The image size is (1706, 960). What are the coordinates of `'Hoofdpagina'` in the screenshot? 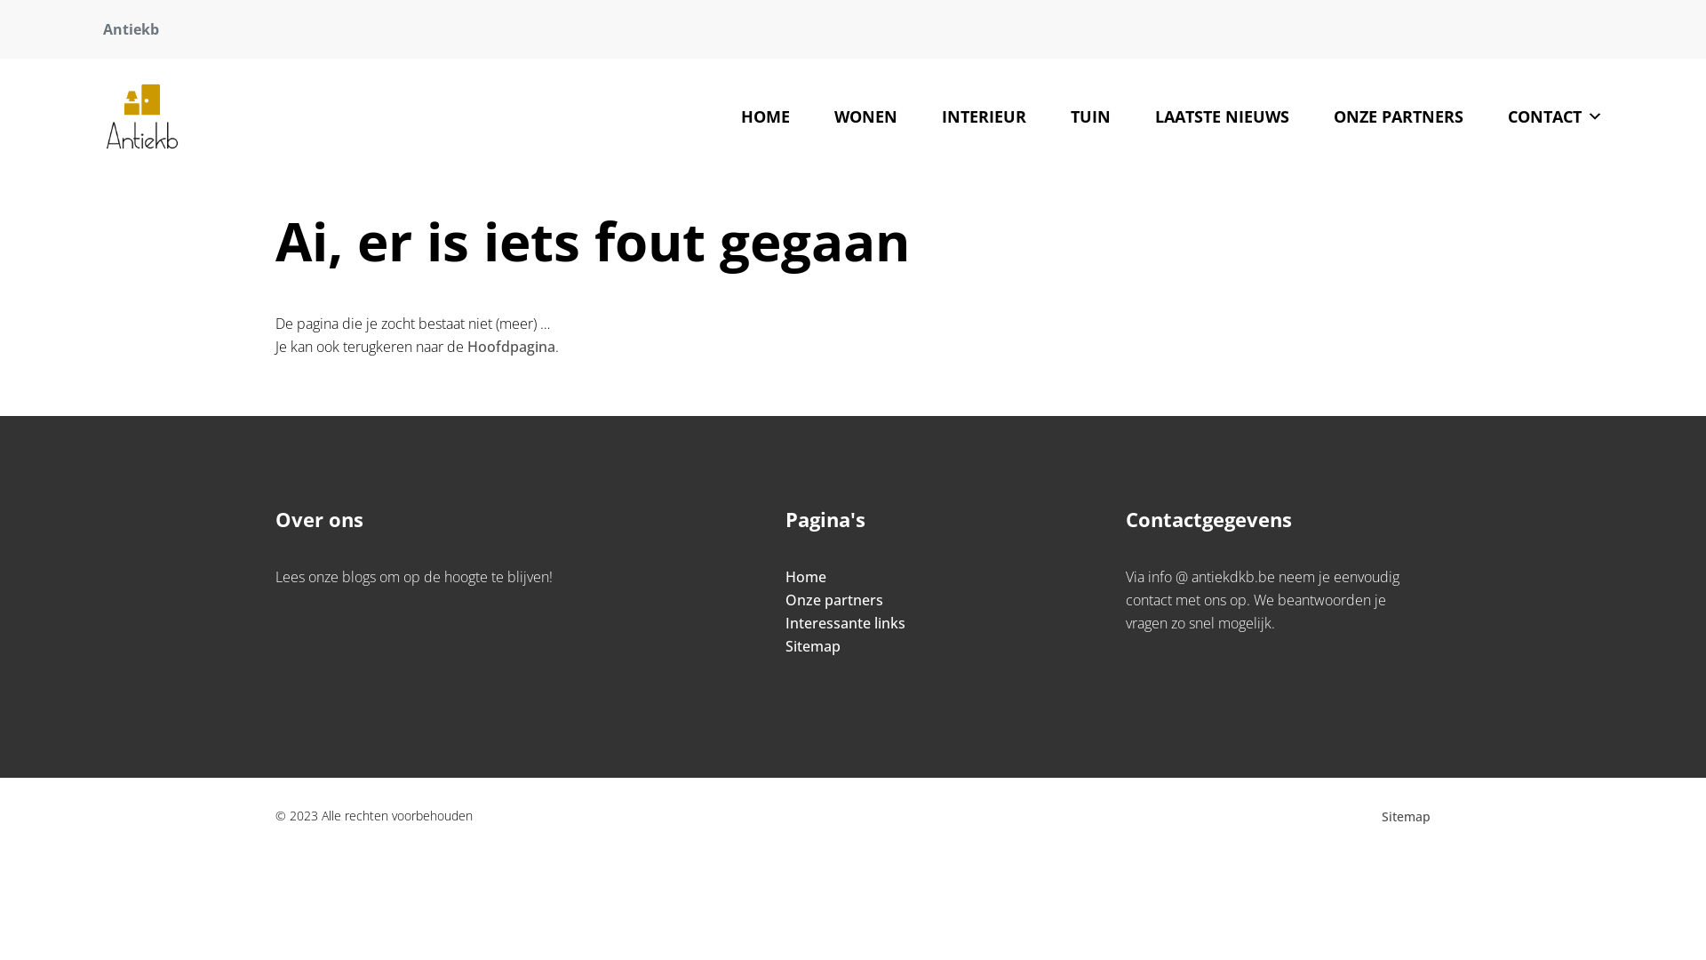 It's located at (510, 346).